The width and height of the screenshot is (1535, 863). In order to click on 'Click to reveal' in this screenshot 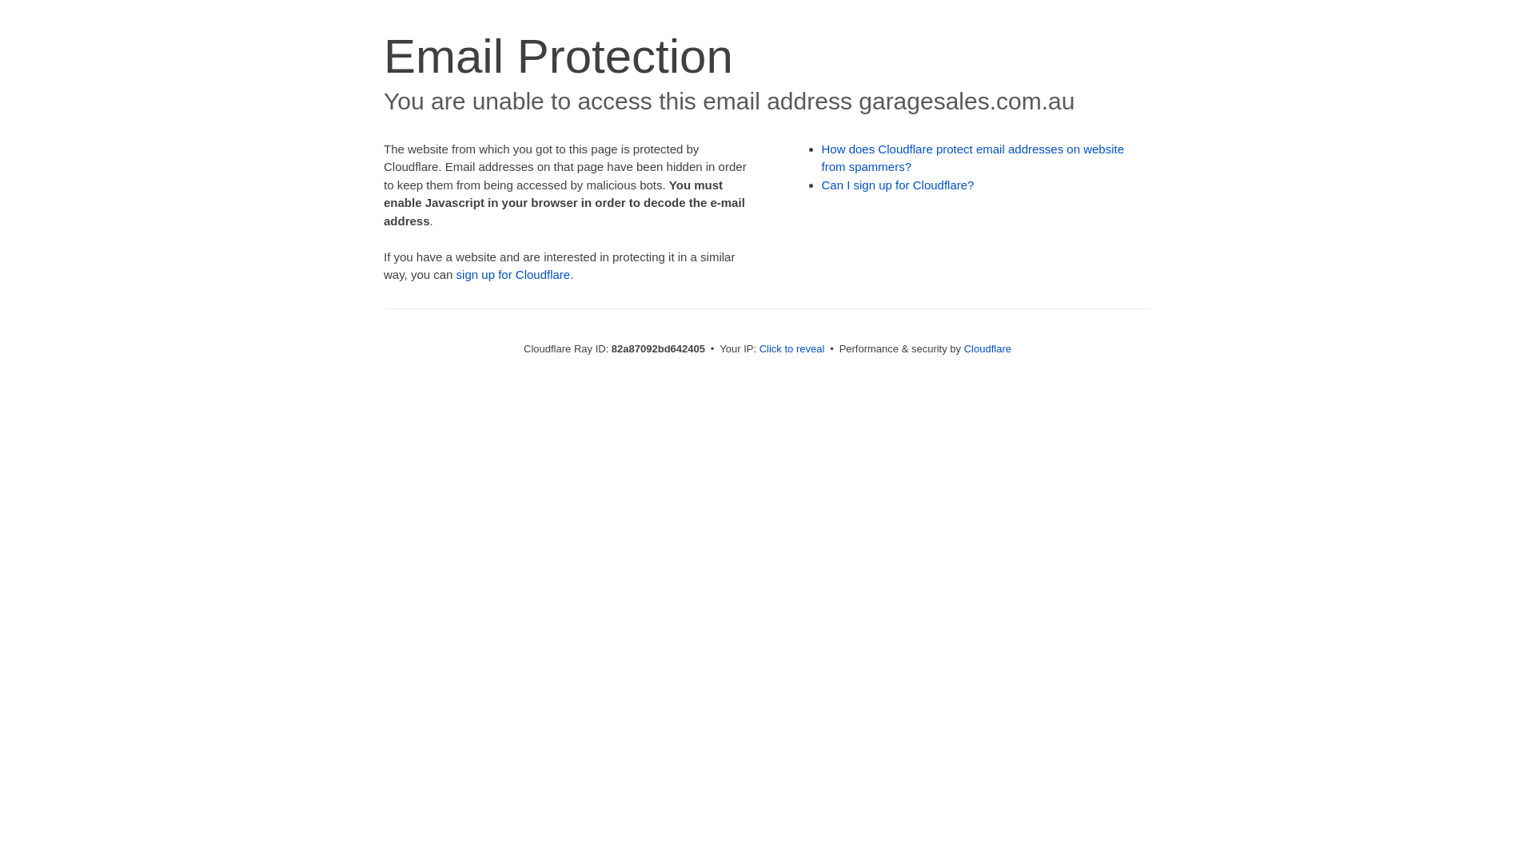, I will do `click(791, 348)`.